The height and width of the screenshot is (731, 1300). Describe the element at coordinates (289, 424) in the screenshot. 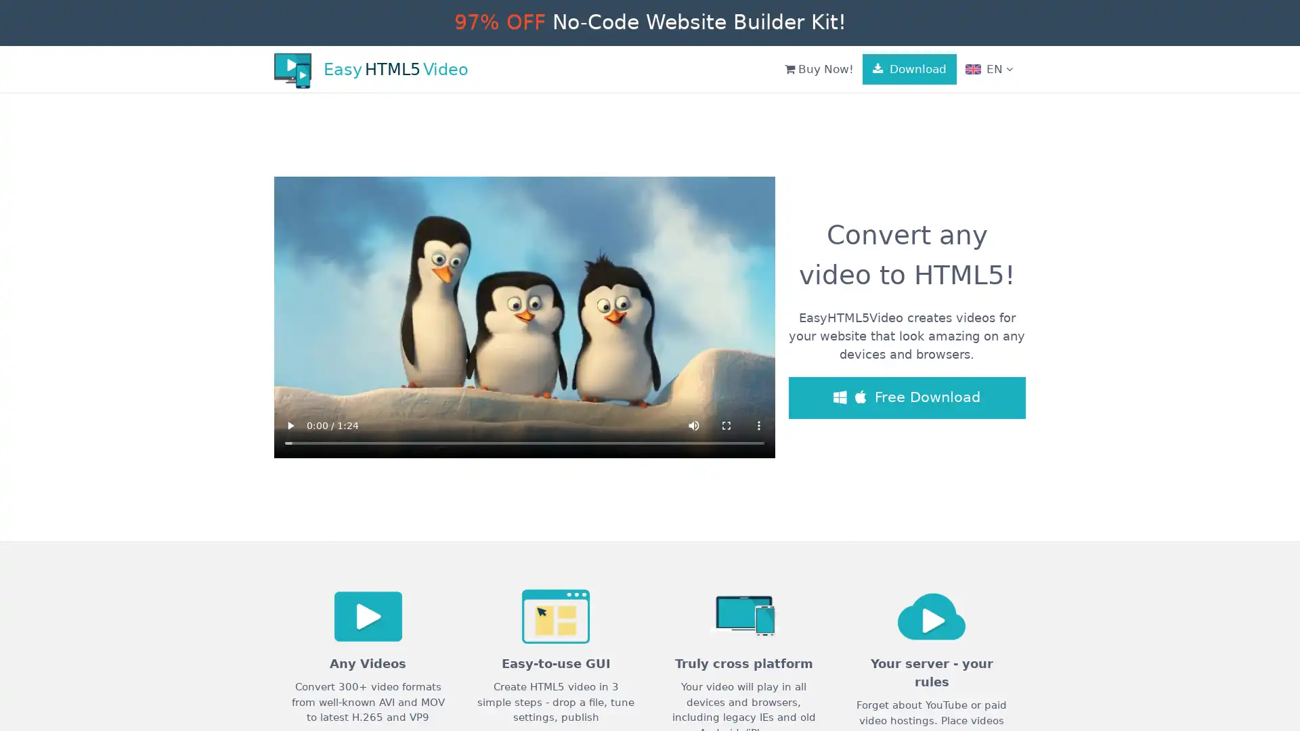

I see `play` at that location.